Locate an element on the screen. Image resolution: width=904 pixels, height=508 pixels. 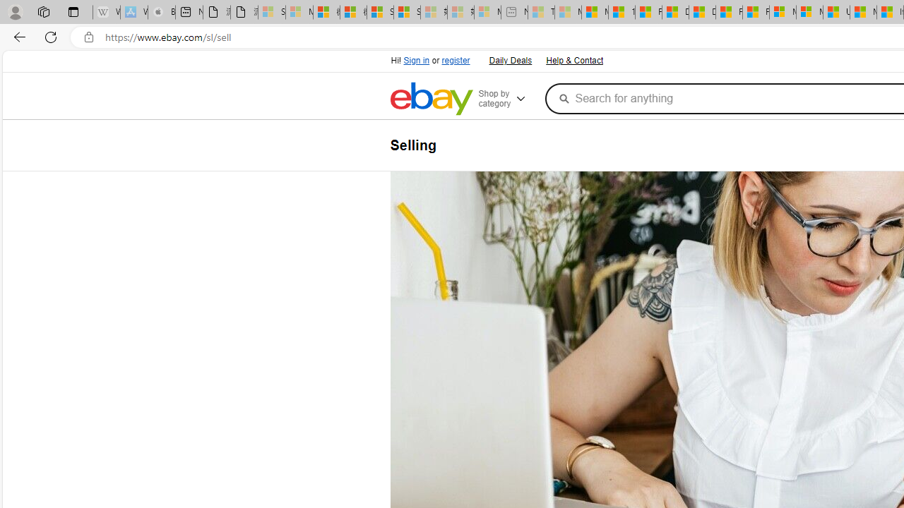
'Shop by category' is located at coordinates (509, 98).